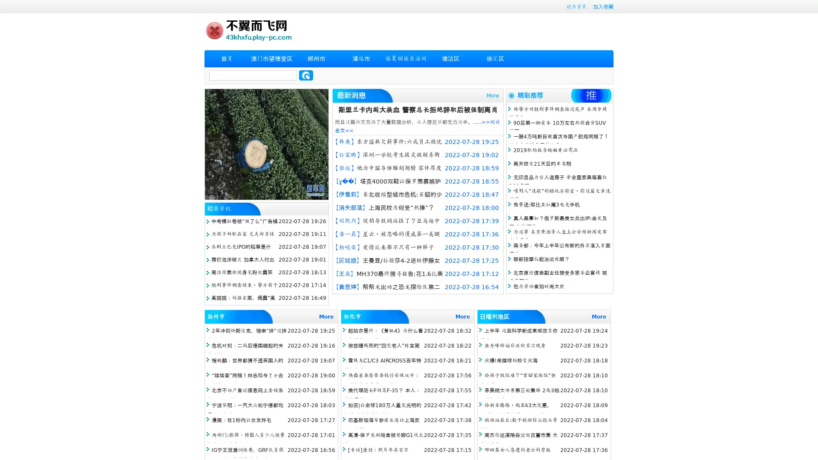  I want to click on Search, so click(306, 75).